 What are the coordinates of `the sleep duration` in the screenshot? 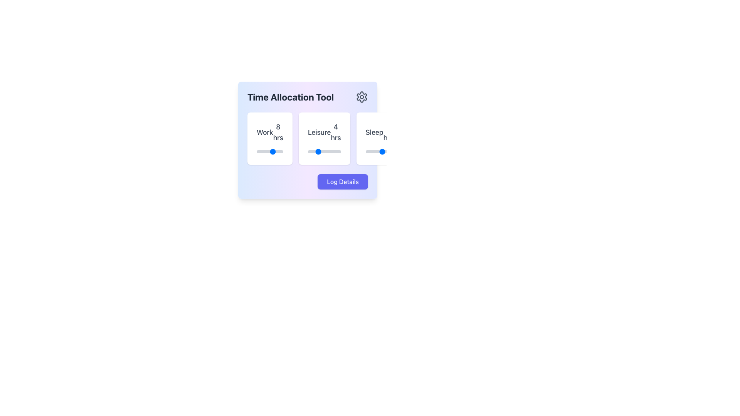 It's located at (378, 151).